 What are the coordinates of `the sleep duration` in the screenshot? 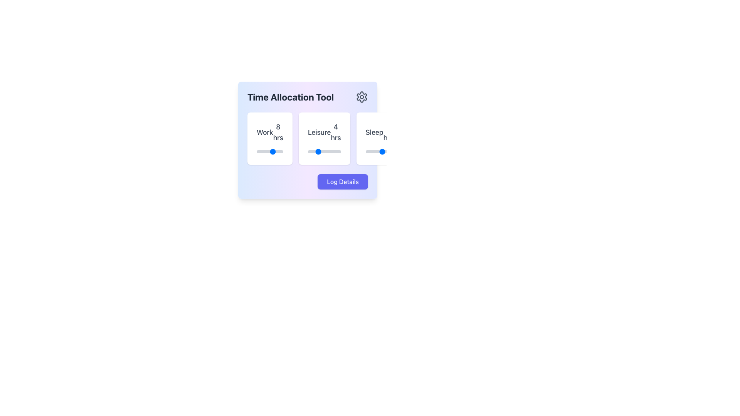 It's located at (378, 151).